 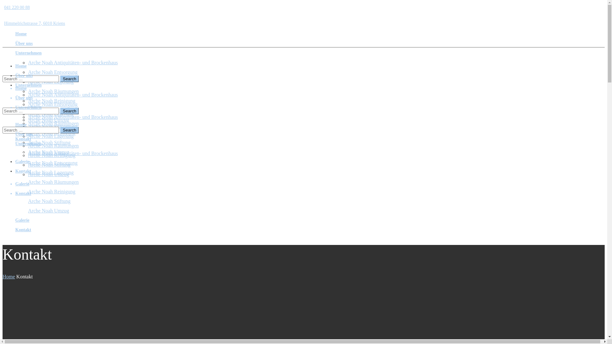 What do you see at coordinates (52, 155) in the screenshot?
I see `'Arche Noah Reinigung'` at bounding box center [52, 155].